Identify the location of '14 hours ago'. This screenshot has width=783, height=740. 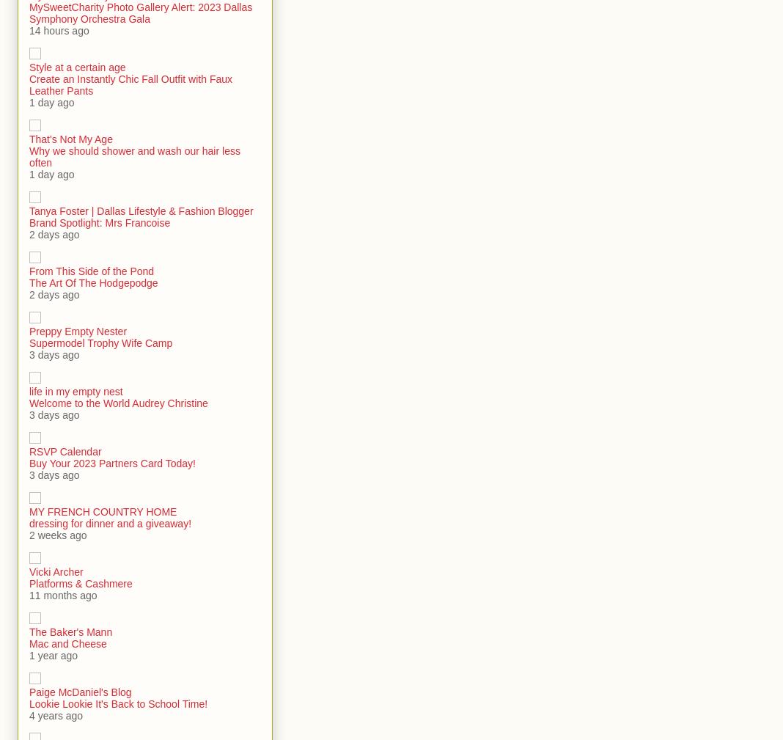
(58, 29).